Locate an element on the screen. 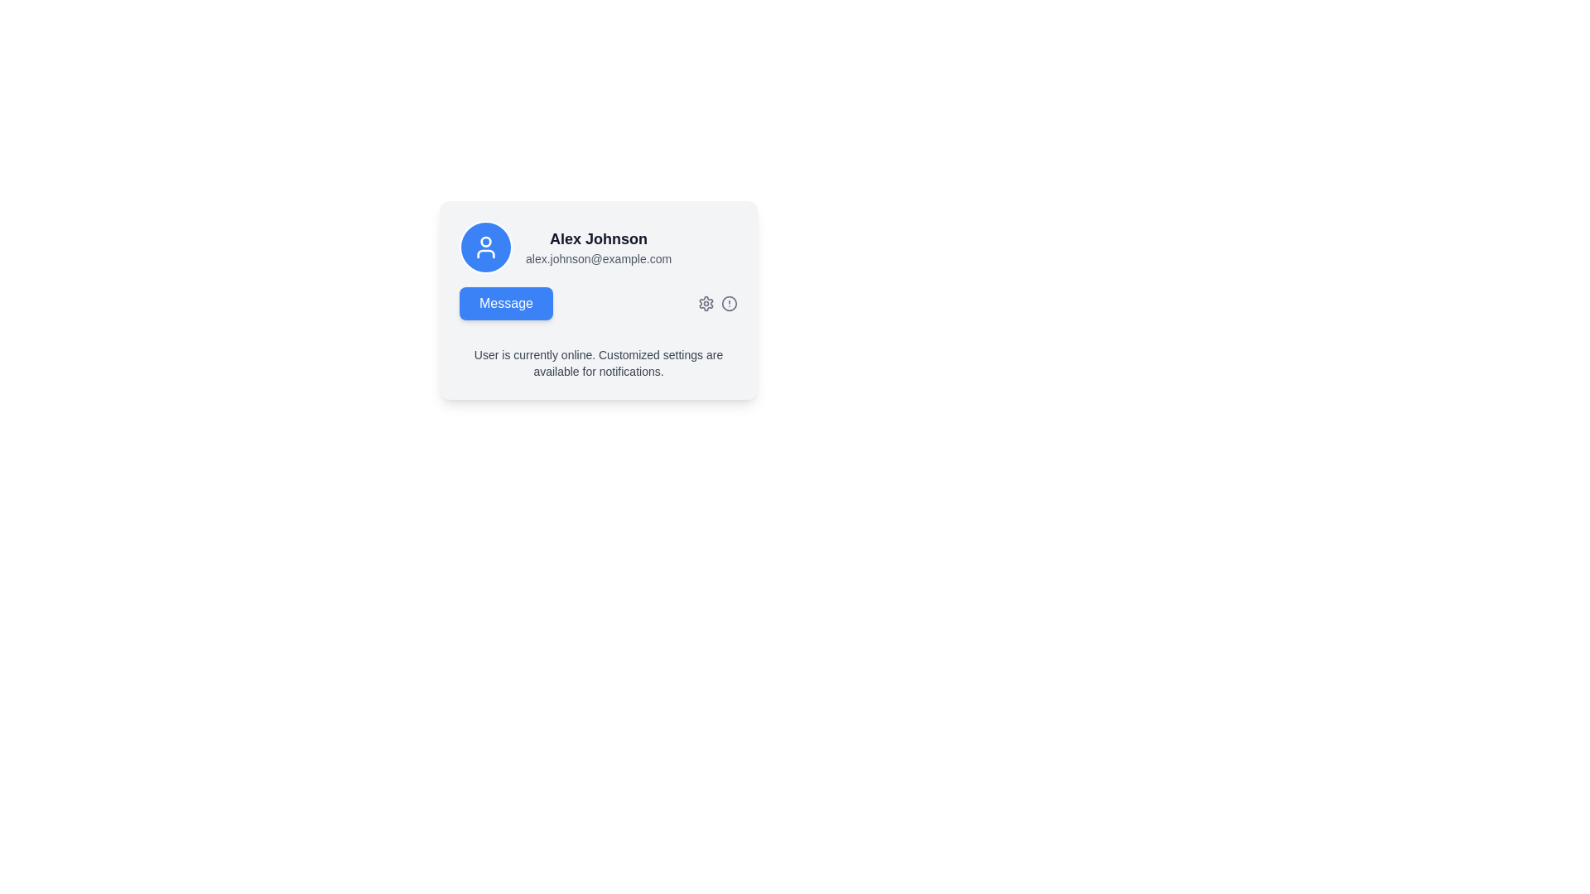 This screenshot has height=894, width=1590. the circular blue icon with a white outline and avatar in the upper-left region of the card containing 'Alex Johnson' and 'alex.johnson@example.com' is located at coordinates (484, 248).